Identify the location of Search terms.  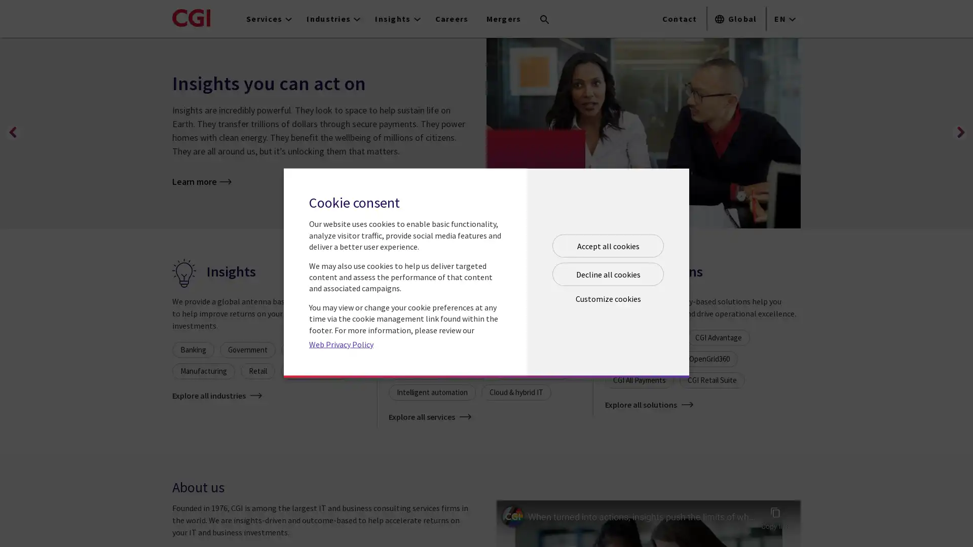
(544, 20).